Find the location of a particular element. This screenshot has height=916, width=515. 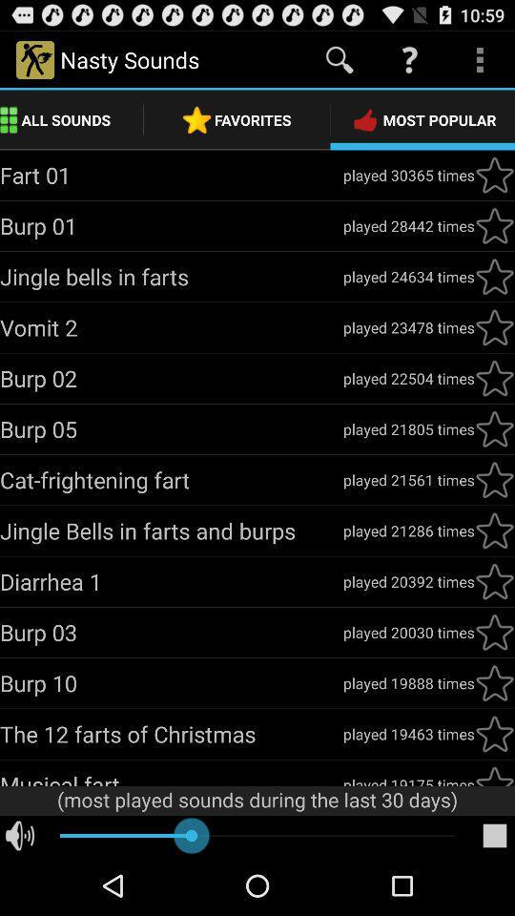

the fifth star under the most popular is located at coordinates (494, 377).